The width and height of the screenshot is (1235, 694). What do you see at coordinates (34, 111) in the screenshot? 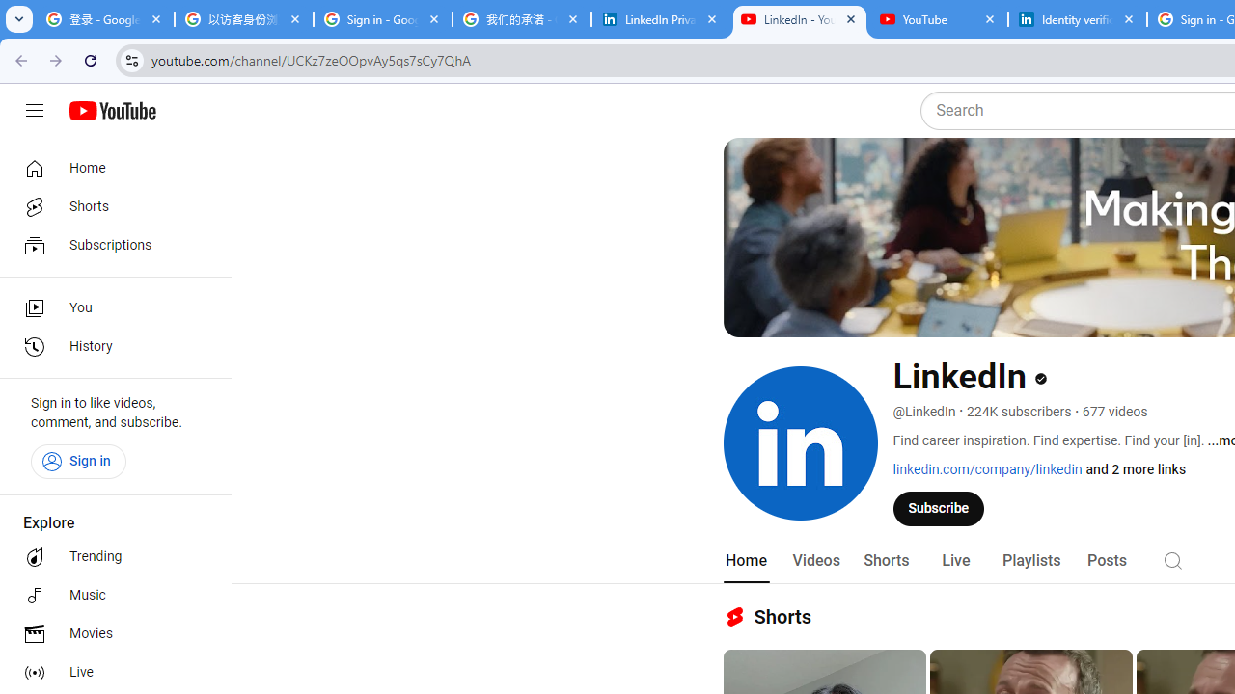
I see `'Guide'` at bounding box center [34, 111].